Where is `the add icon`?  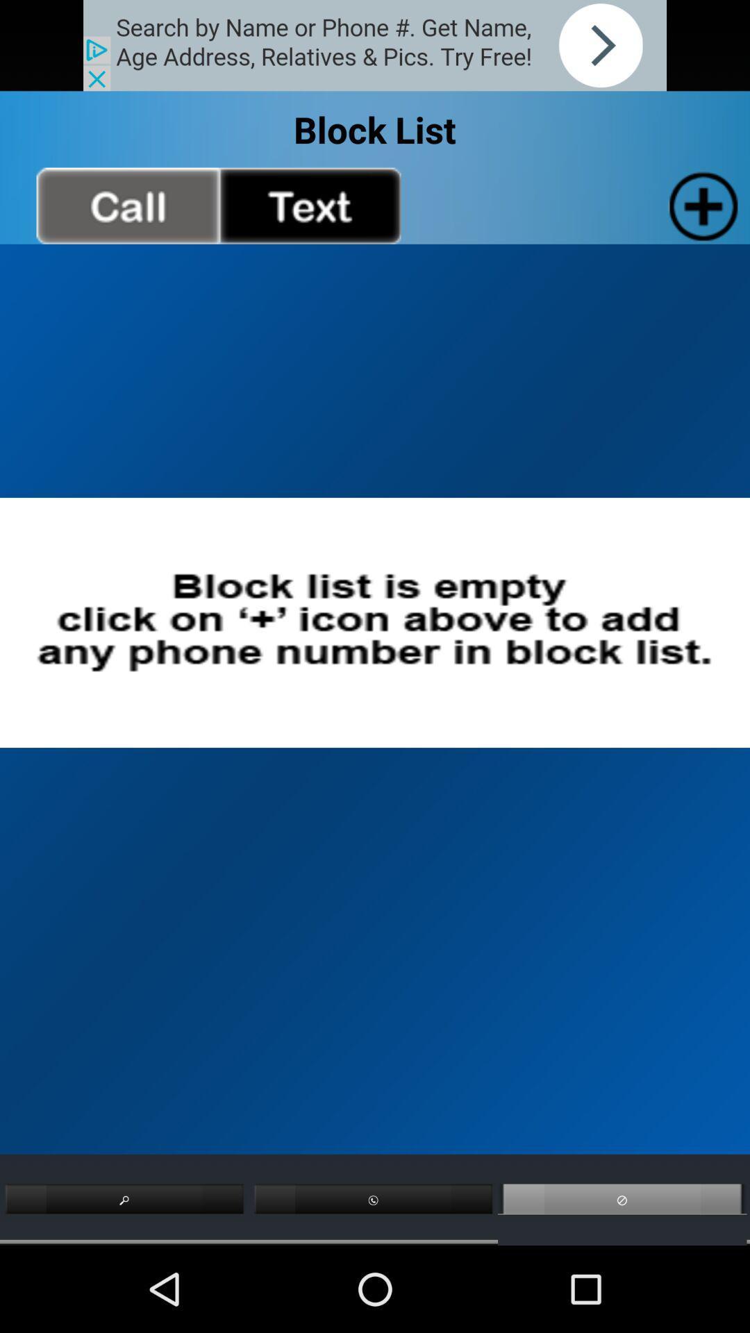 the add icon is located at coordinates (701, 219).